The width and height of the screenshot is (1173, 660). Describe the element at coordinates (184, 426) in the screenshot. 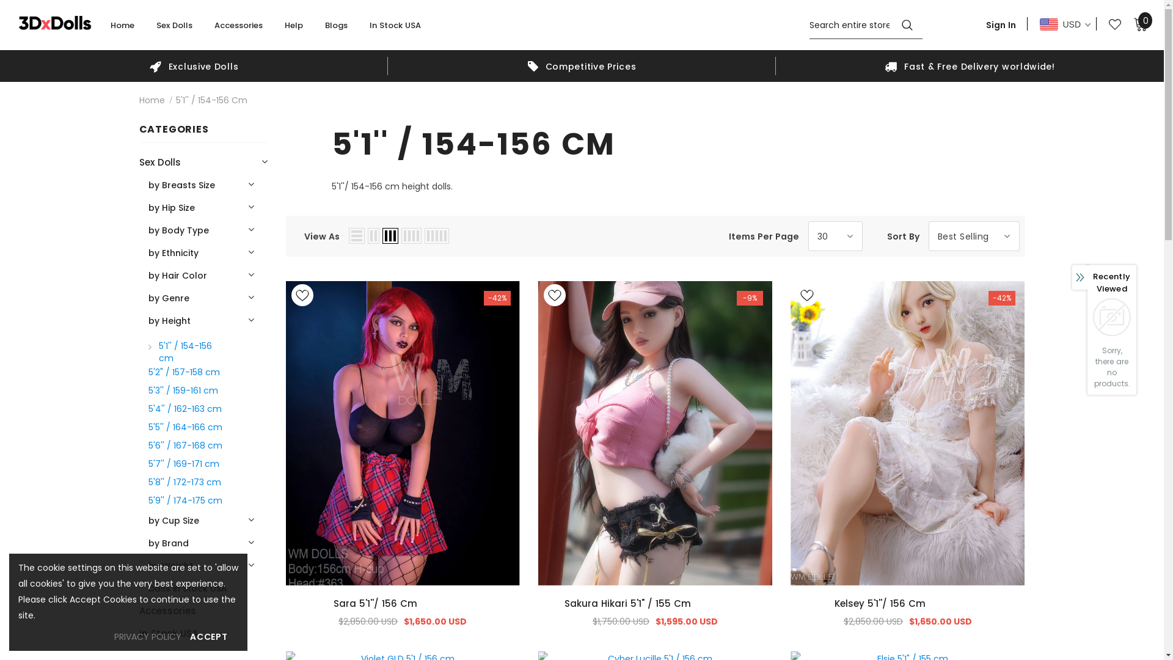

I see `'5'5'' / 164-166 cm'` at that location.